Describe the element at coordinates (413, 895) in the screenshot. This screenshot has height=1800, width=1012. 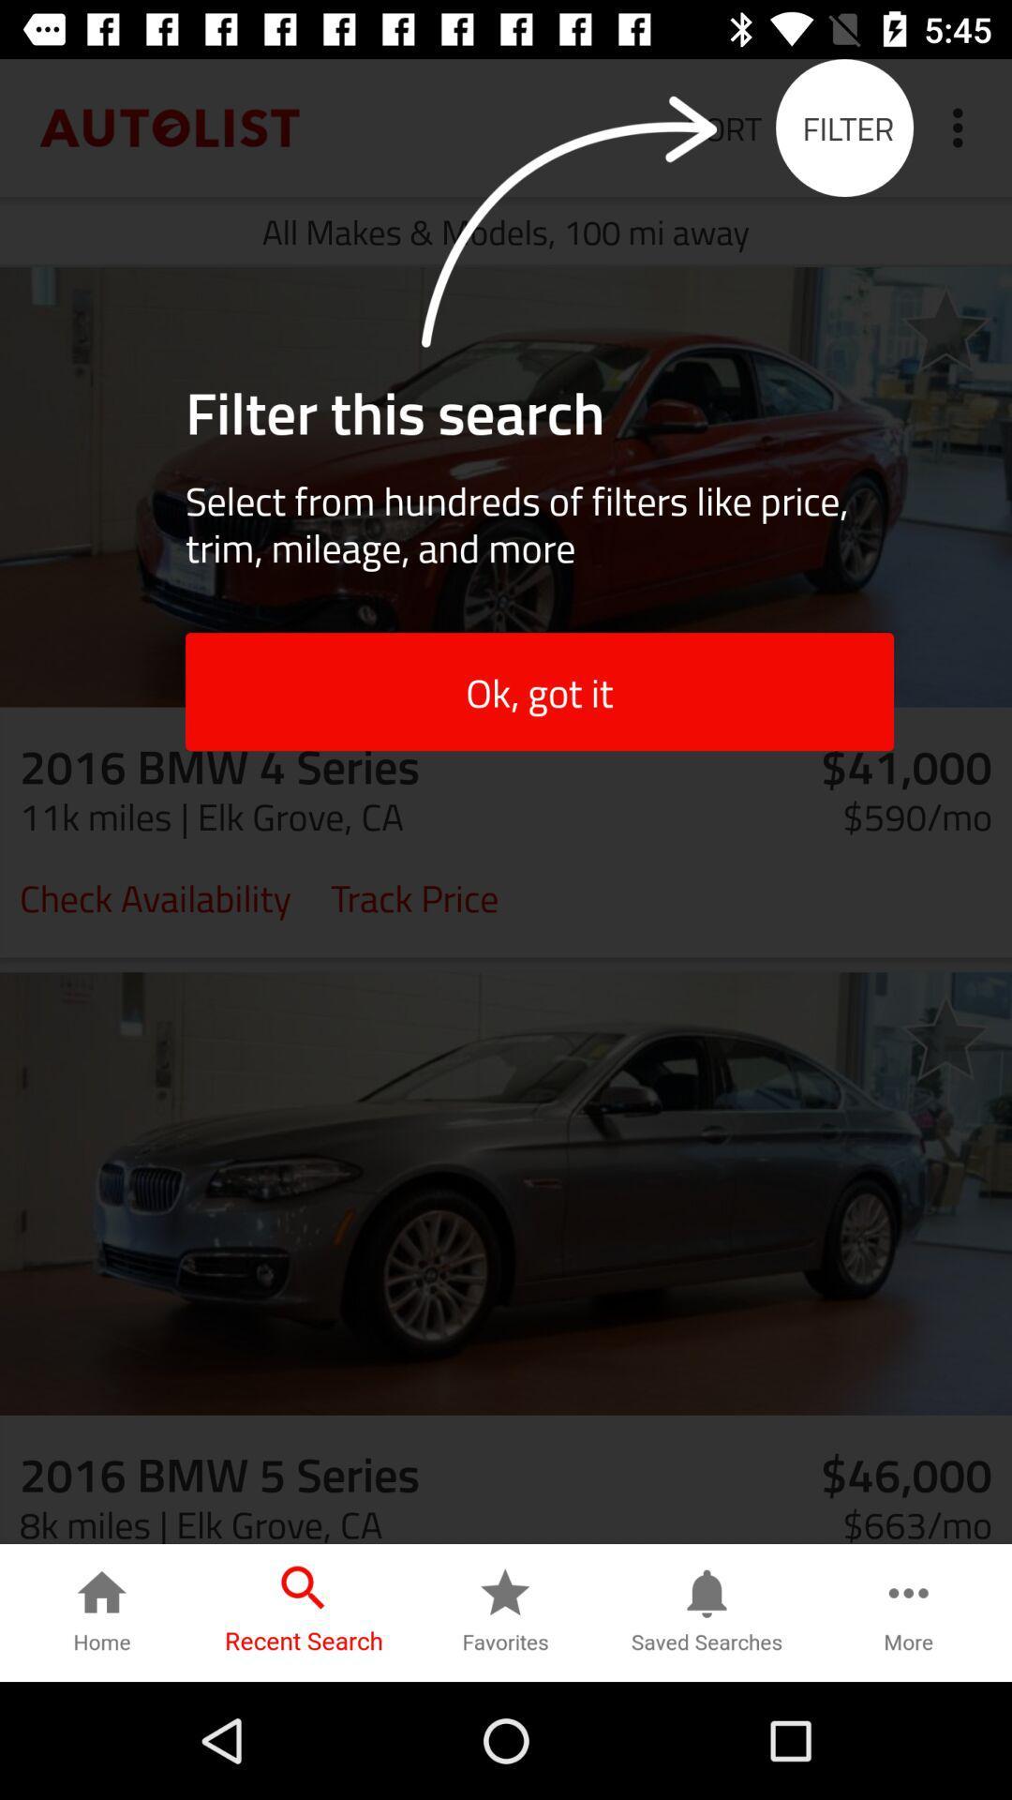
I see `icon next to the $590/mo` at that location.